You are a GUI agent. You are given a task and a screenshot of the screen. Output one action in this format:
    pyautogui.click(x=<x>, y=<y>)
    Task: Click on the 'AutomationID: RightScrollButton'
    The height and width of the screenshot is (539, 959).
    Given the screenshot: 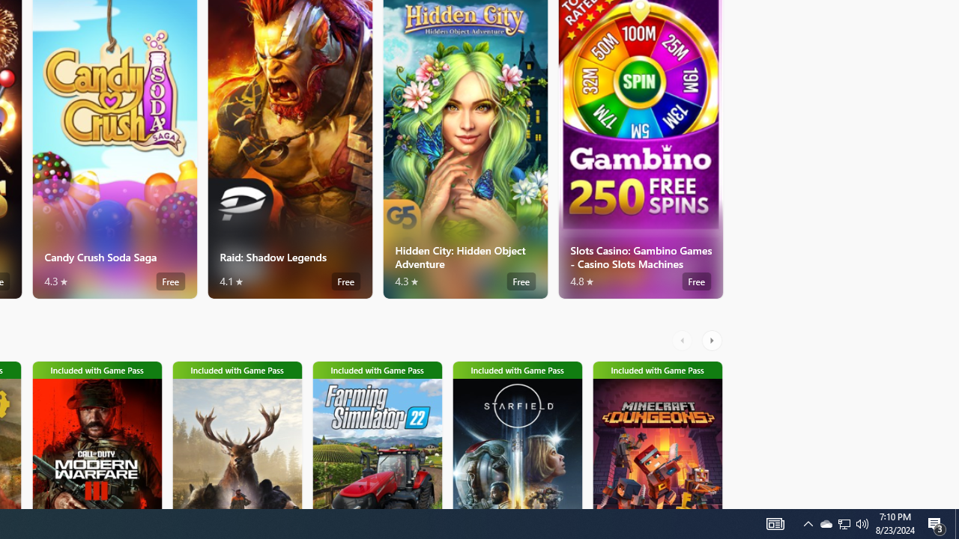 What is the action you would take?
    pyautogui.click(x=713, y=341)
    